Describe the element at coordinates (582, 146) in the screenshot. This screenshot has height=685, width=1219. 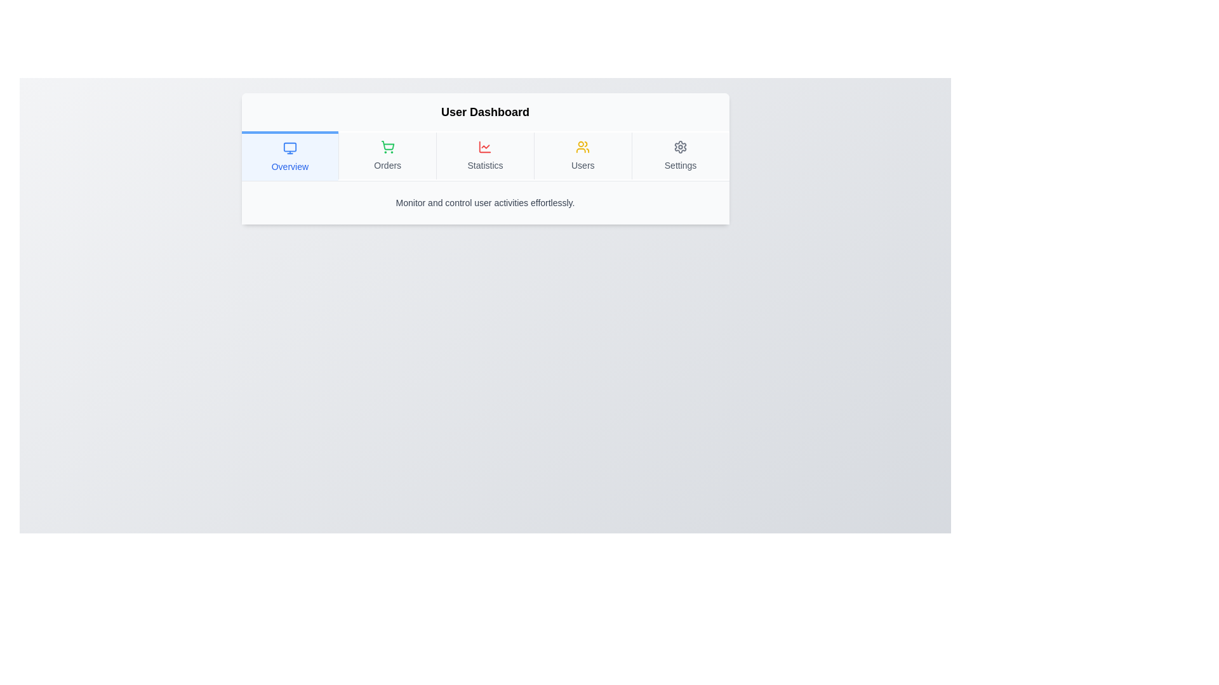
I see `the yellow-colored icon representing a group of people located above the 'Users' label` at that location.